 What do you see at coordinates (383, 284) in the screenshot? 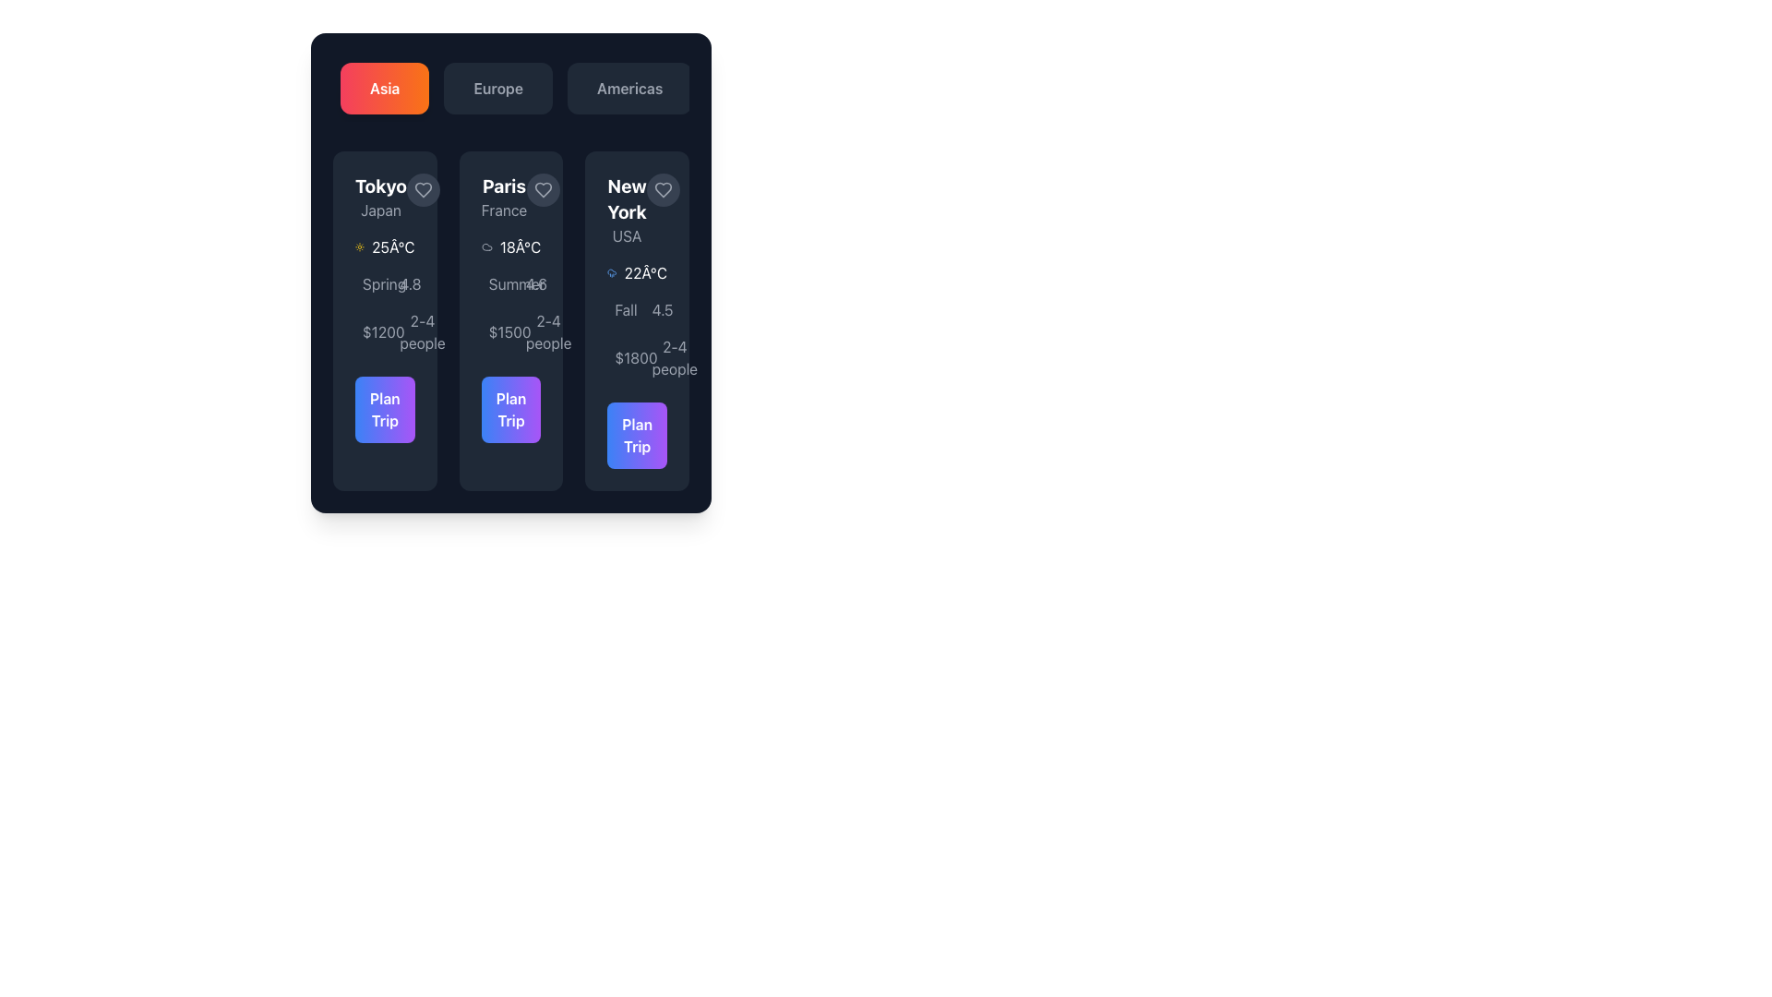
I see `text label indicating the season associated with the displayed trip information in the Tokyo, Japan card, located beneath the temperature information and above the rating value` at bounding box center [383, 284].